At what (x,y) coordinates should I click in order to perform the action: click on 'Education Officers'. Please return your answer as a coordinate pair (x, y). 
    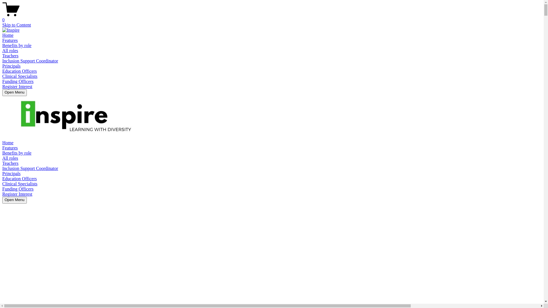
    Looking at the image, I should click on (19, 71).